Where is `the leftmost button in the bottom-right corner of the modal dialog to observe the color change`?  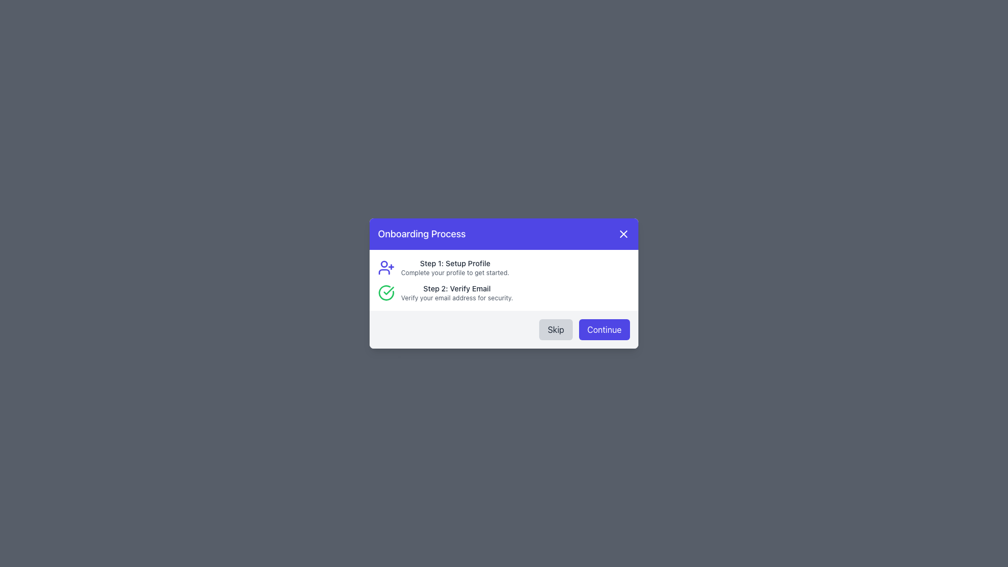
the leftmost button in the bottom-right corner of the modal dialog to observe the color change is located at coordinates (555, 329).